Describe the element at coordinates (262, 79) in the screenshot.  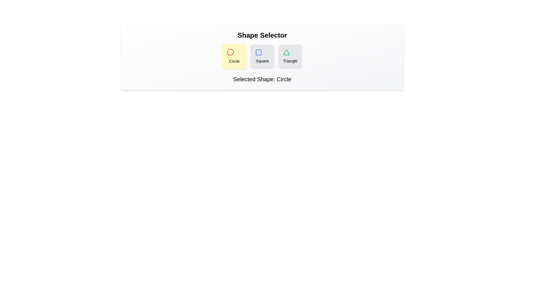
I see `the text of the element displaying the selected shape` at that location.